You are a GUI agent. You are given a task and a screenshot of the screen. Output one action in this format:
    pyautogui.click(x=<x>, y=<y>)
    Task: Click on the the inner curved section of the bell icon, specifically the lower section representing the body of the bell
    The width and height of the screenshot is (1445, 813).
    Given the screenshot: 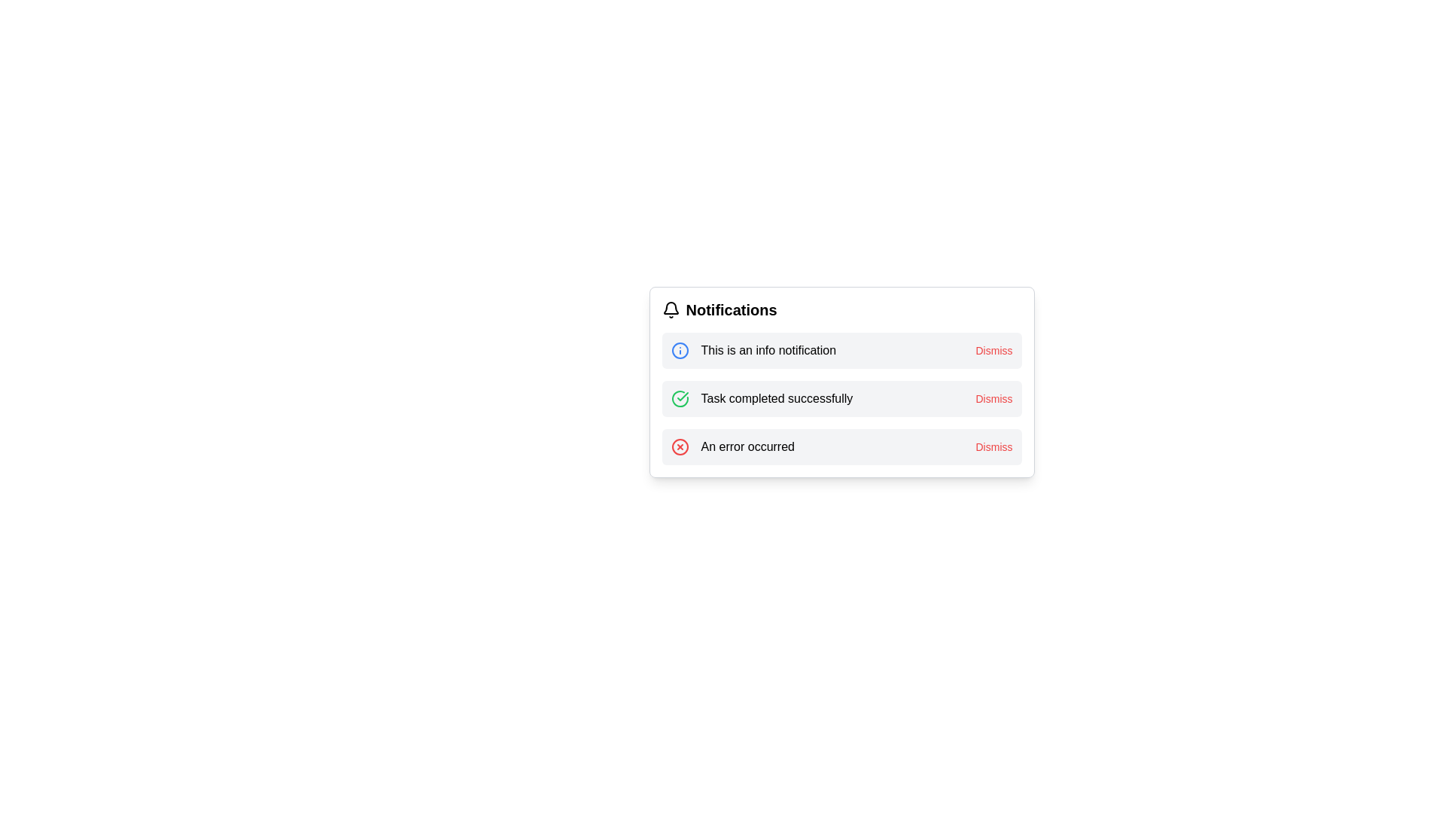 What is the action you would take?
    pyautogui.click(x=670, y=307)
    